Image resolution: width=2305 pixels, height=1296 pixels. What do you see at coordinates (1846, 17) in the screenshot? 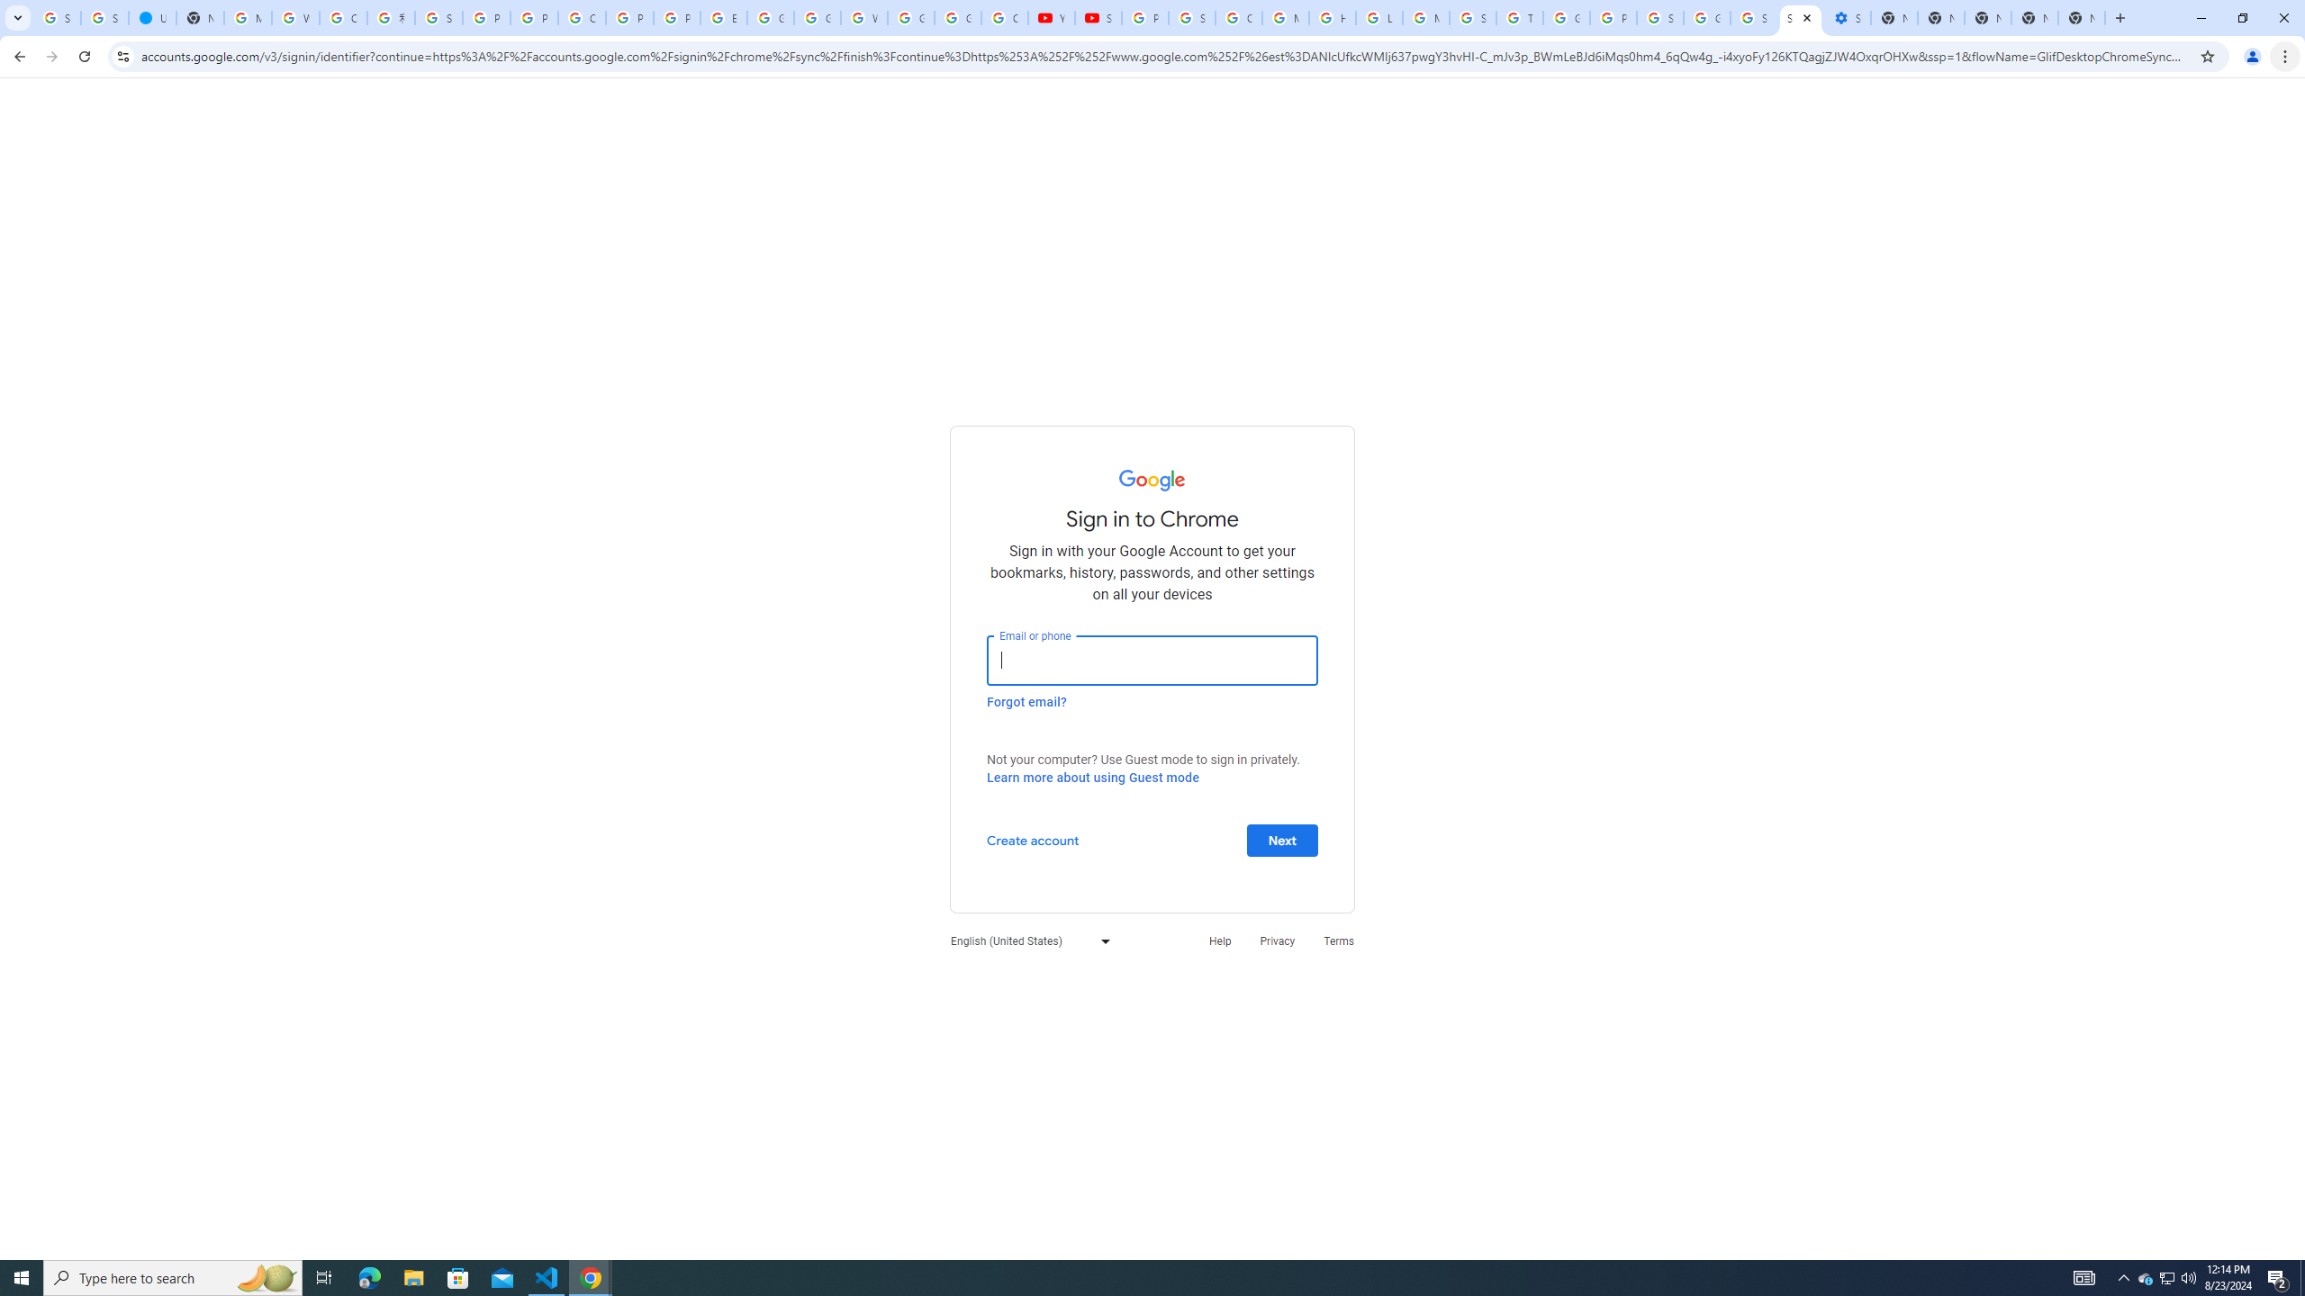
I see `'Settings - Performance'` at bounding box center [1846, 17].